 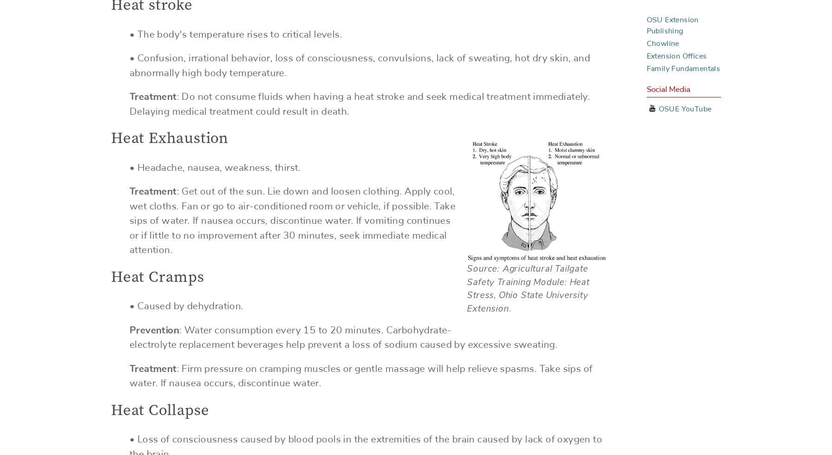 What do you see at coordinates (528, 288) in the screenshot?
I see `'Source: Agricultural Tailgate Safety Training Module: Heat Stress, Ohio State University Extension.'` at bounding box center [528, 288].